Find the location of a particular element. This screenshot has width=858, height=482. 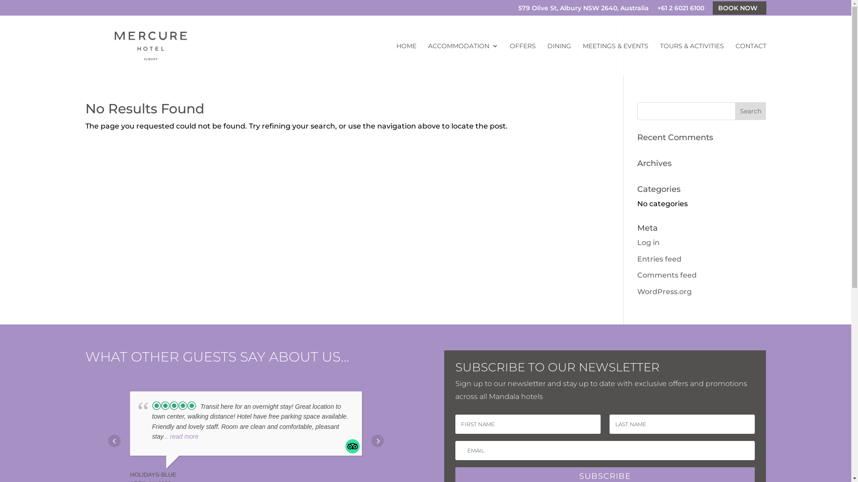

'MEETINGS & EVENTS' is located at coordinates (615, 59).